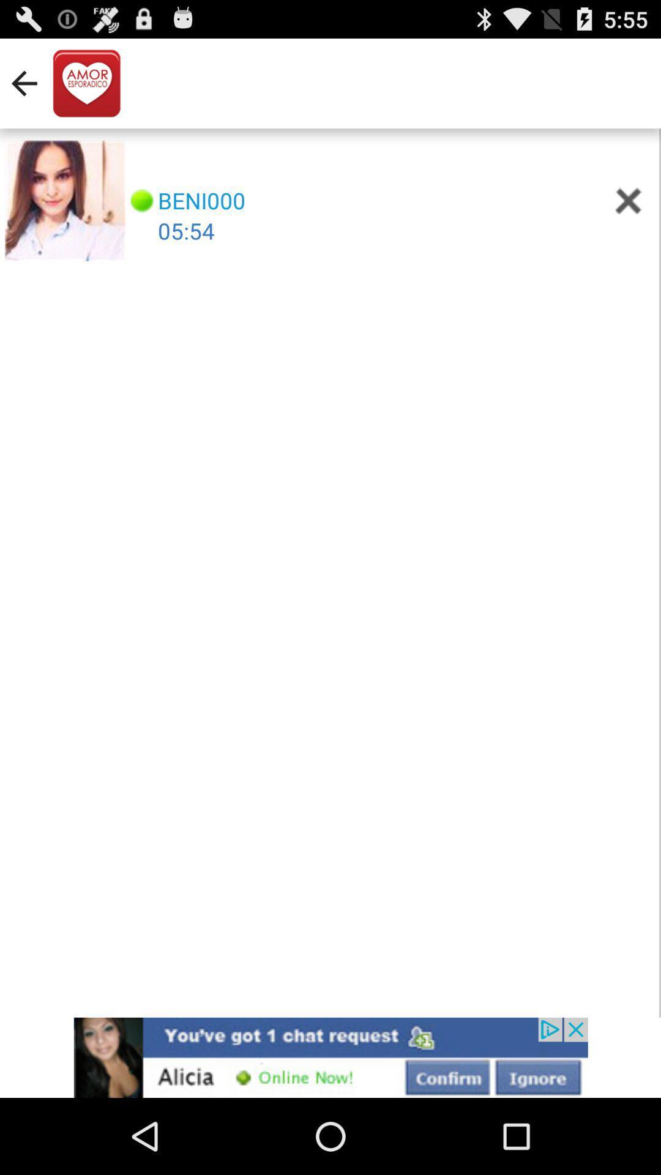 Image resolution: width=661 pixels, height=1175 pixels. What do you see at coordinates (330, 1057) in the screenshot?
I see `open advertisement` at bounding box center [330, 1057].